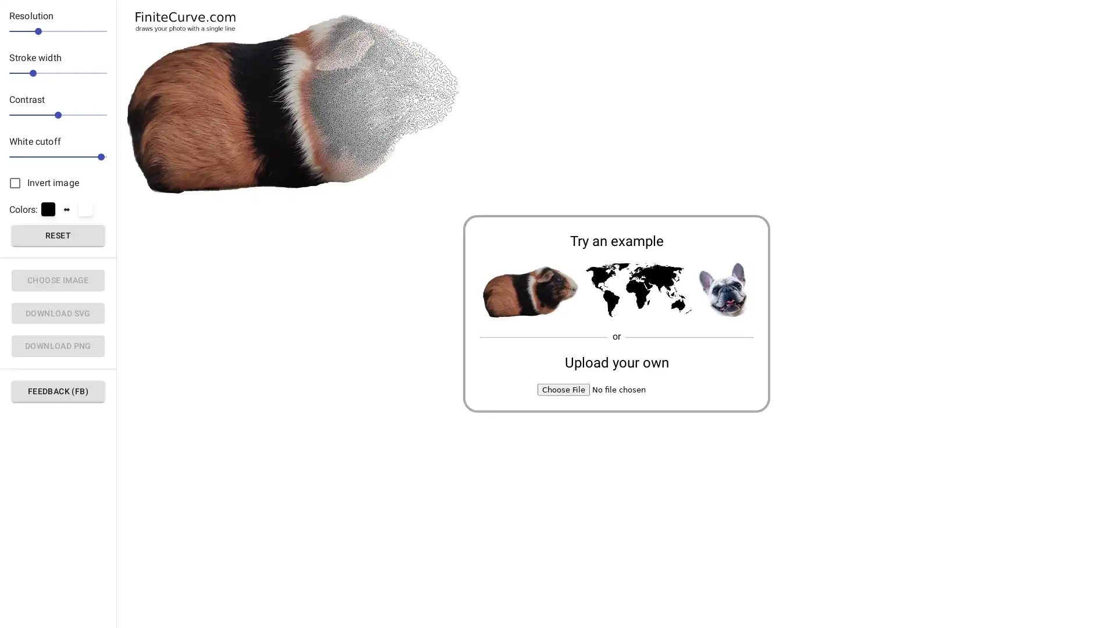 The width and height of the screenshot is (1117, 628). What do you see at coordinates (58, 345) in the screenshot?
I see `DOWNLOAD PNG` at bounding box center [58, 345].